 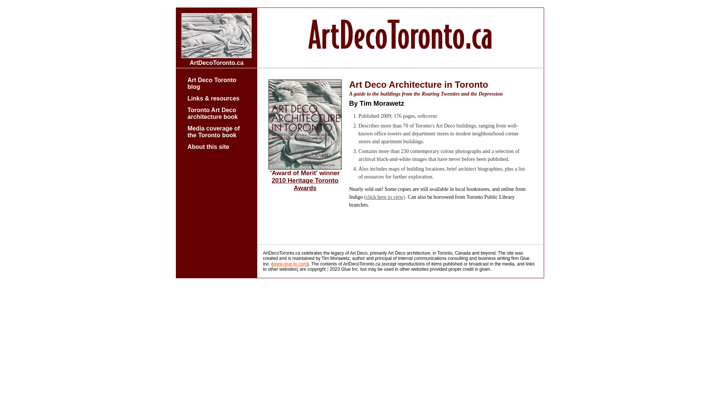 I want to click on 'Toronto Art Deco architecture book', so click(x=212, y=112).